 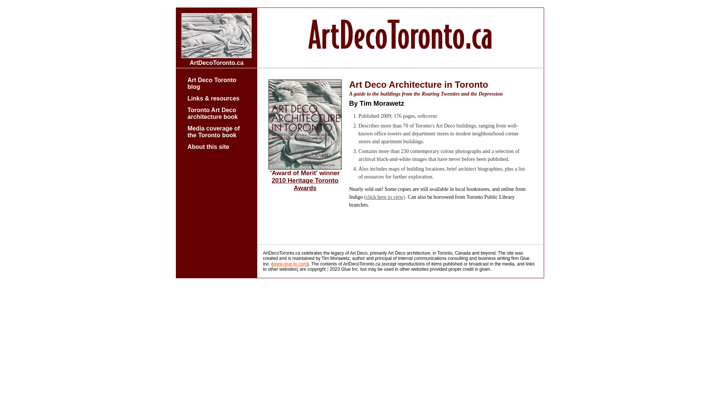 I want to click on 'Toronto Art Deco architecture book', so click(x=212, y=112).